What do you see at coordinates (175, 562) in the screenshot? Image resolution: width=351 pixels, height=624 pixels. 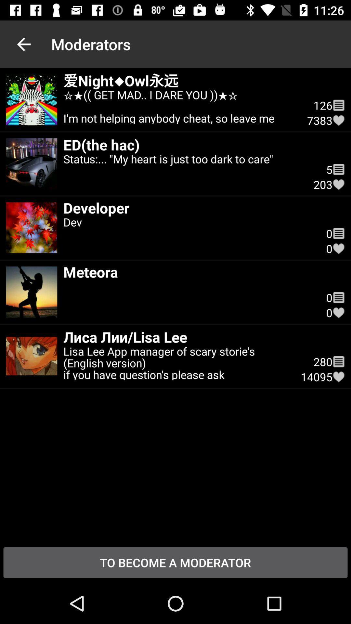 I see `the icon below the 14095` at bounding box center [175, 562].